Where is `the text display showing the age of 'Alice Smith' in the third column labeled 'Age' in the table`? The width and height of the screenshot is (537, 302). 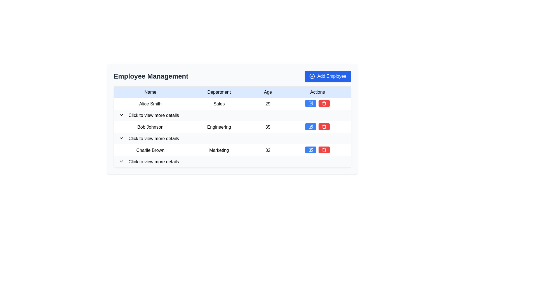
the text display showing the age of 'Alice Smith' in the third column labeled 'Age' in the table is located at coordinates (268, 103).